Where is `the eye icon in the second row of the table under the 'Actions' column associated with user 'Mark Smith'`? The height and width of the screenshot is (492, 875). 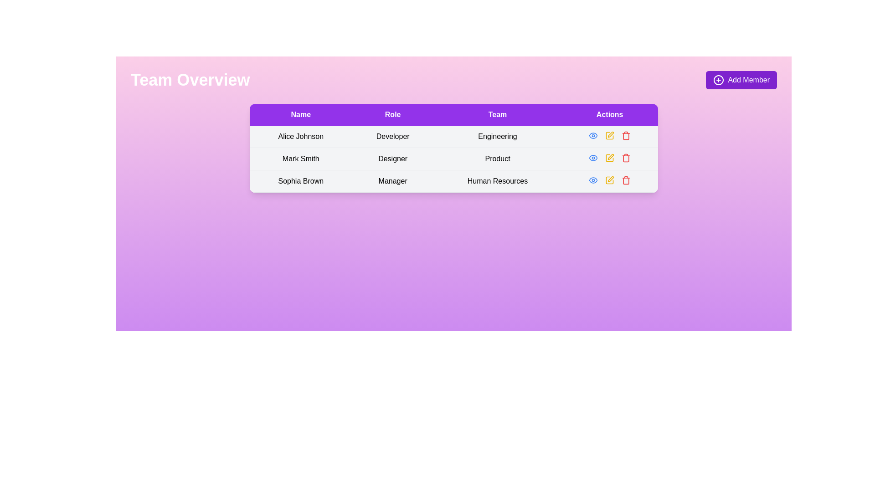 the eye icon in the second row of the table under the 'Actions' column associated with user 'Mark Smith' is located at coordinates (593, 158).